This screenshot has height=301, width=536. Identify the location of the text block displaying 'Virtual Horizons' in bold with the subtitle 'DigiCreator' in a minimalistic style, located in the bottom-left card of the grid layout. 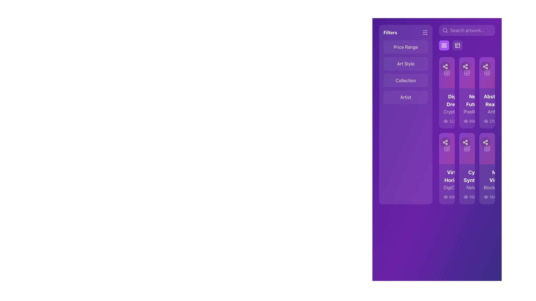
(447, 179).